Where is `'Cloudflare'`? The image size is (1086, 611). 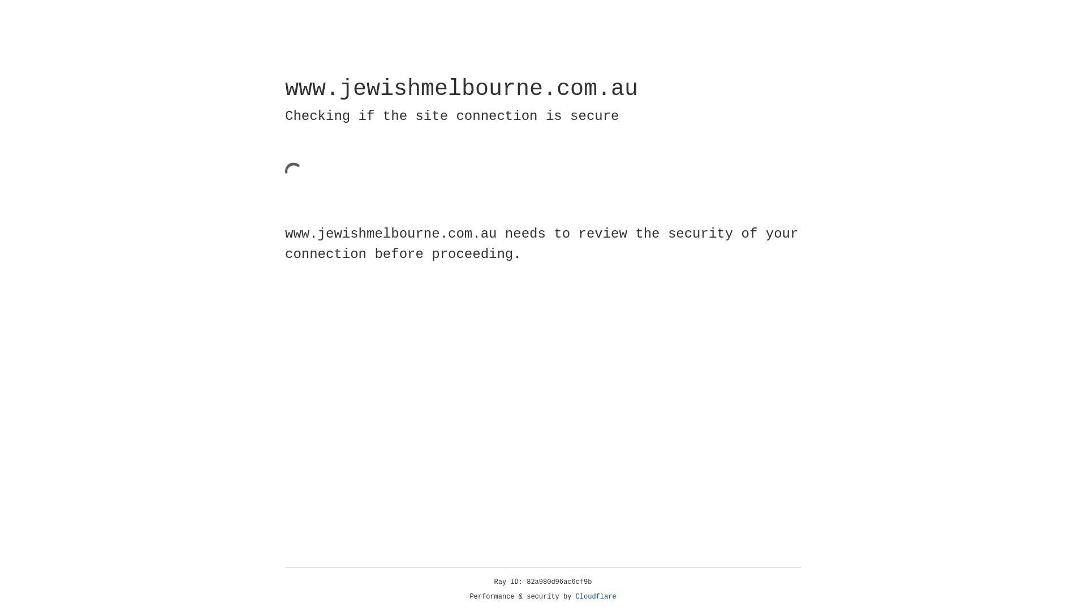 'Cloudflare' is located at coordinates (596, 596).